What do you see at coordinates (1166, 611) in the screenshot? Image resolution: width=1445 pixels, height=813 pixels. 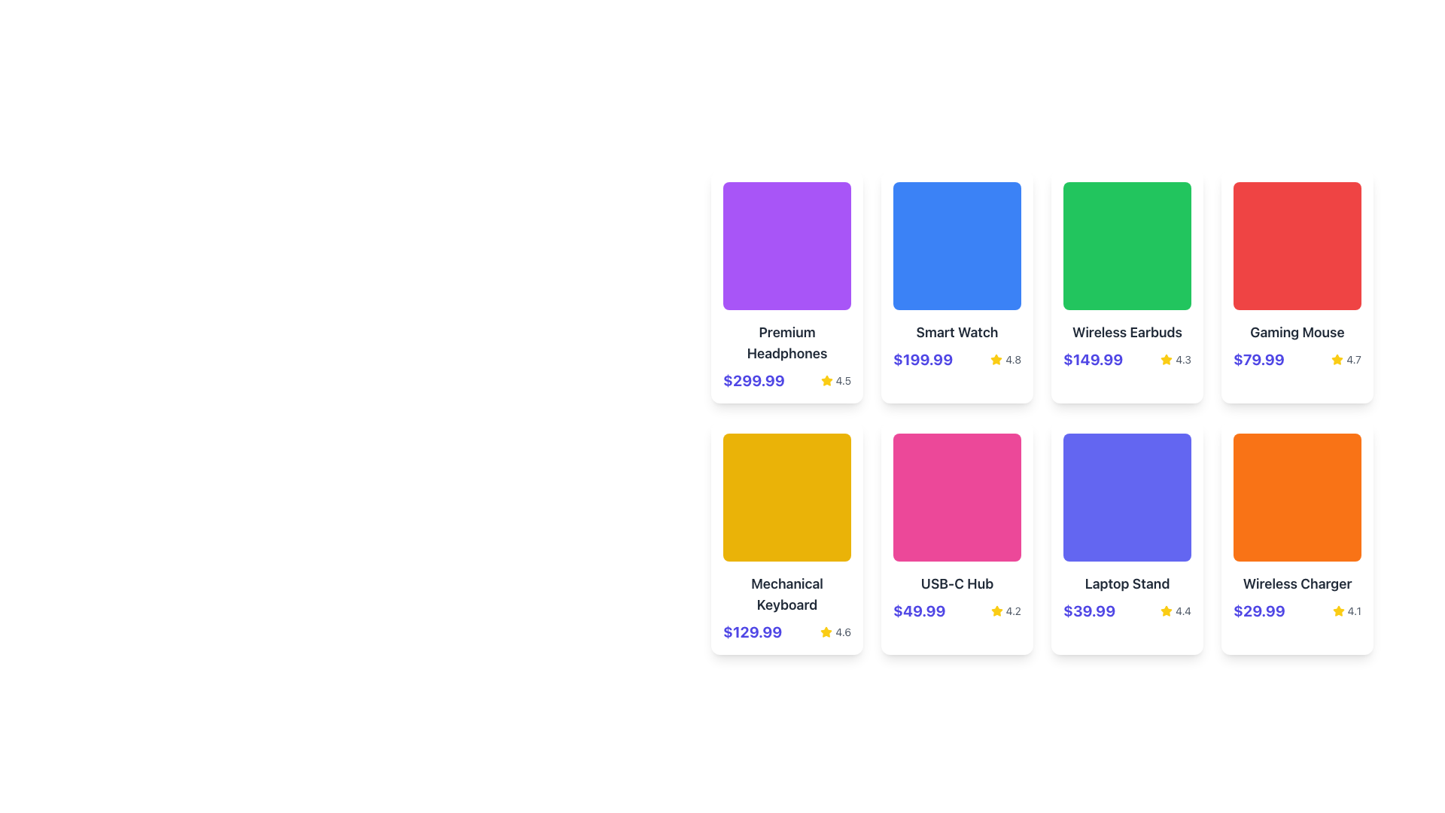 I see `the yellow star-shaped rating icon located in the bottom-right corner of the 'Laptop Stand' card, which indicates a rating score of '4.4'` at bounding box center [1166, 611].